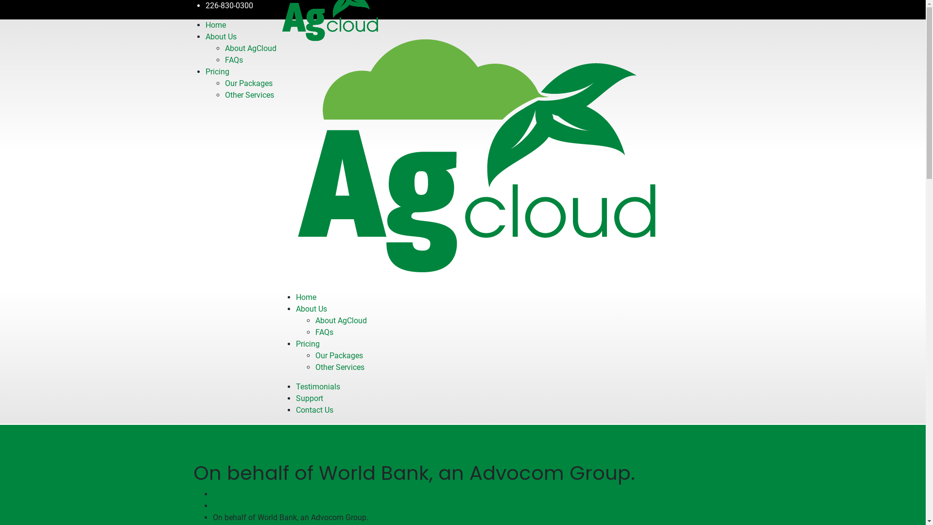 This screenshot has height=525, width=933. I want to click on 'FAQs', so click(324, 332).